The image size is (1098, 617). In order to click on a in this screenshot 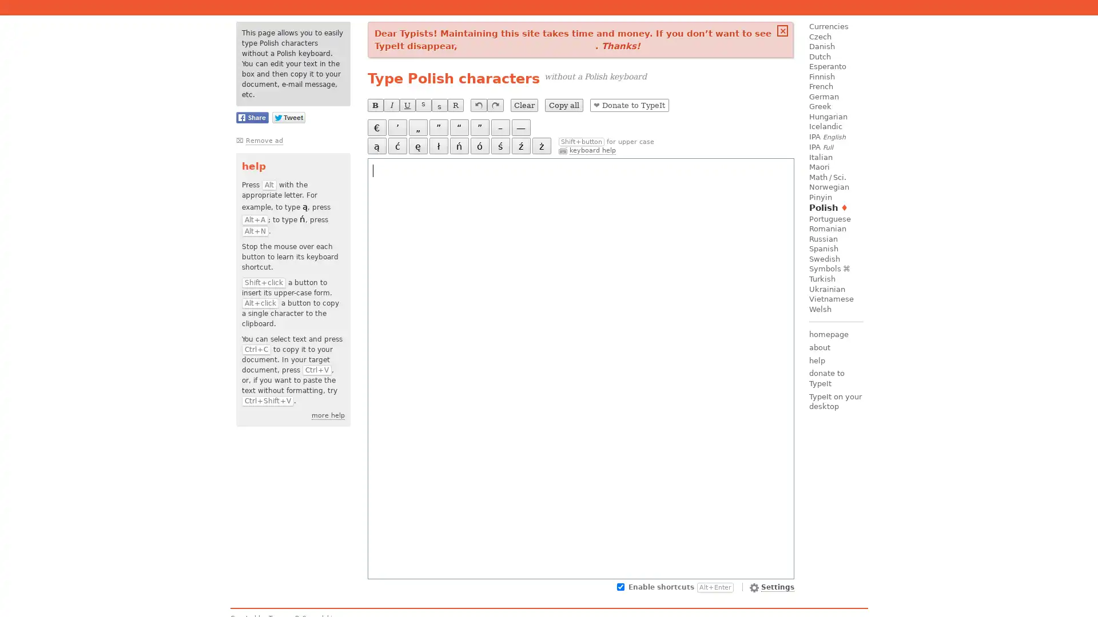, I will do `click(376, 145)`.